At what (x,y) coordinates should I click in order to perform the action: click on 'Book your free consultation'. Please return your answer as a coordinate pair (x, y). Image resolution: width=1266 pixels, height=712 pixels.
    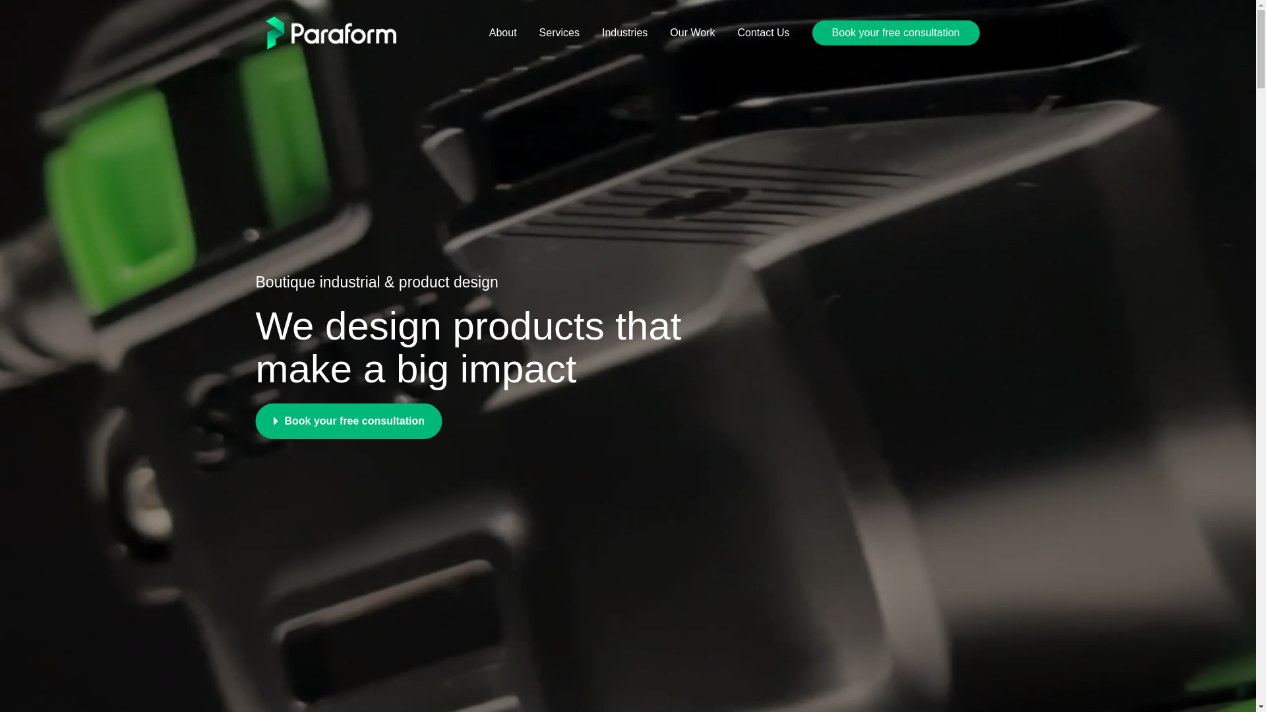
    Looking at the image, I should click on (895, 32).